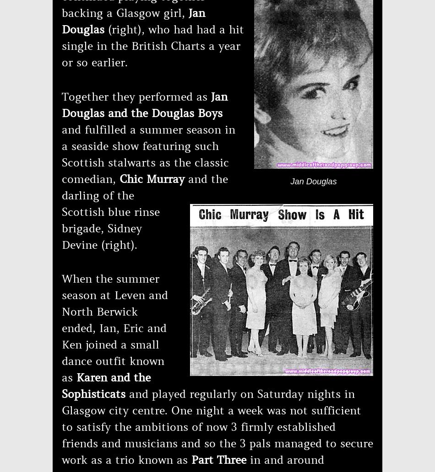 The image size is (435, 472). What do you see at coordinates (144, 211) in the screenshot?
I see `'and the darling of the Scottish blue rinse brigade, Sidney Devine (right).'` at bounding box center [144, 211].